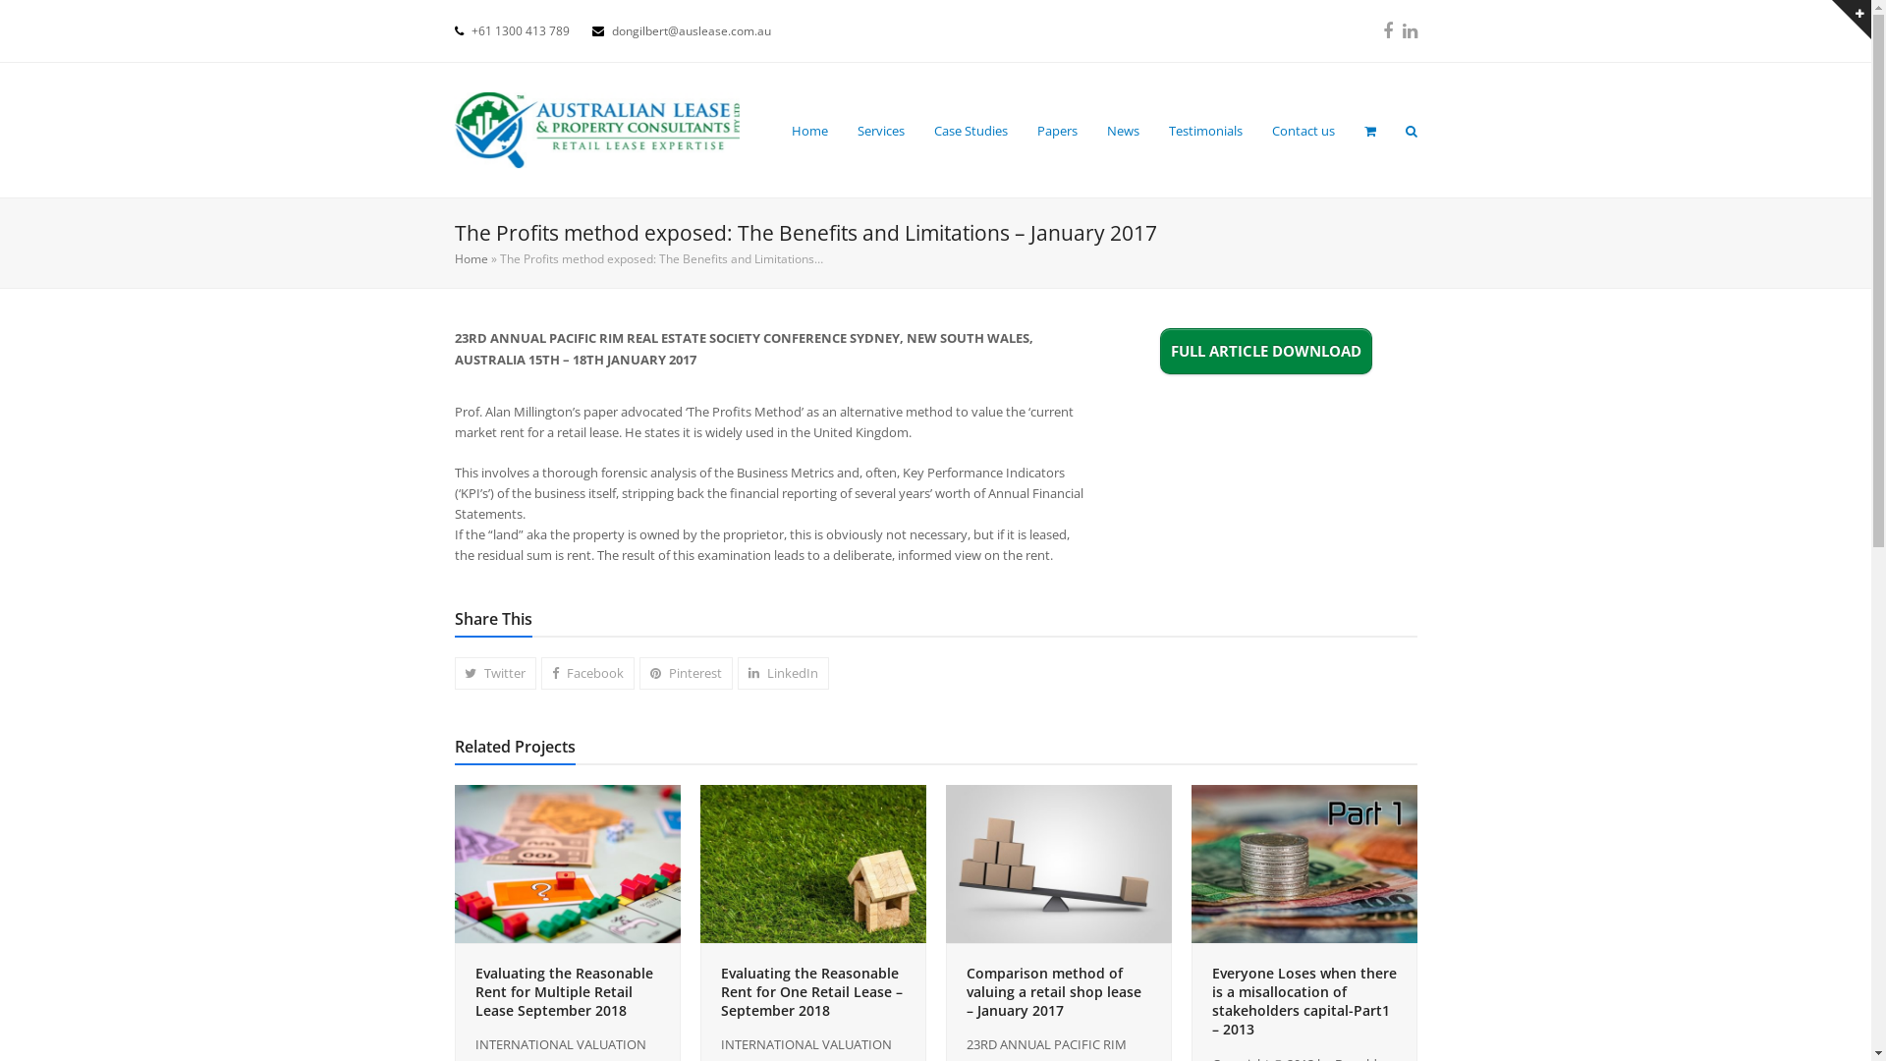 This screenshot has height=1061, width=1886. I want to click on 'dongilbert@auslease.com.au', so click(610, 30).